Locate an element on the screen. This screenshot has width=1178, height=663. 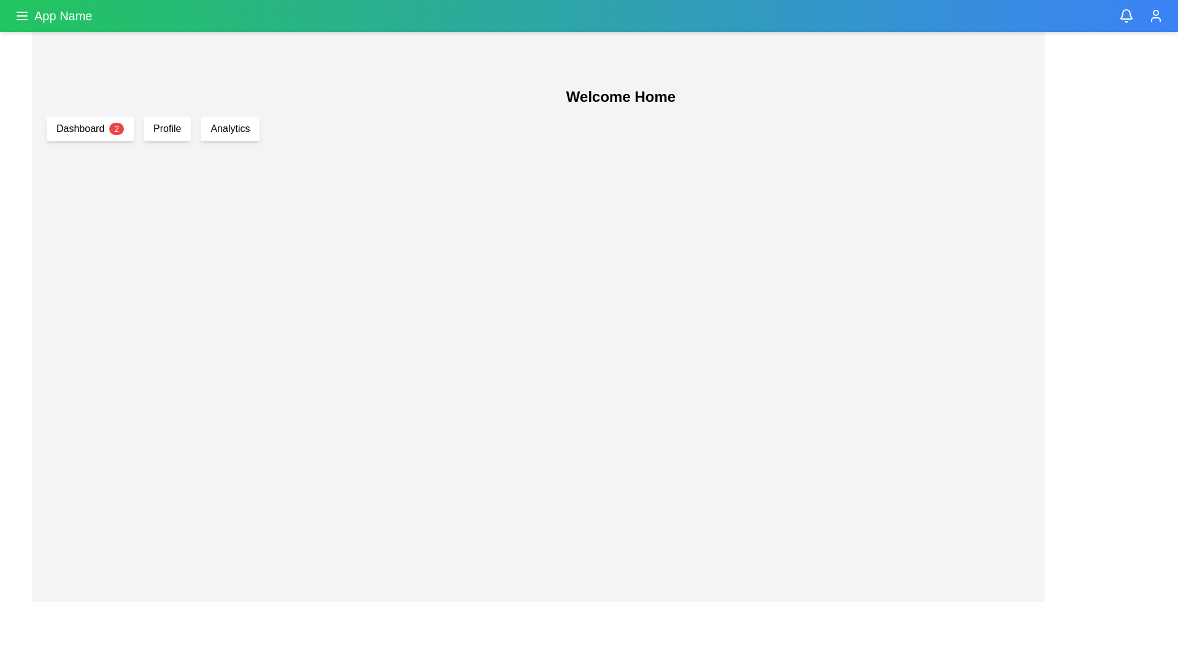
the decorative vector graphic component resembling a notification bell, which is positioned below the top navigation bar and slightly to the right side of the application layout is located at coordinates (1126, 14).